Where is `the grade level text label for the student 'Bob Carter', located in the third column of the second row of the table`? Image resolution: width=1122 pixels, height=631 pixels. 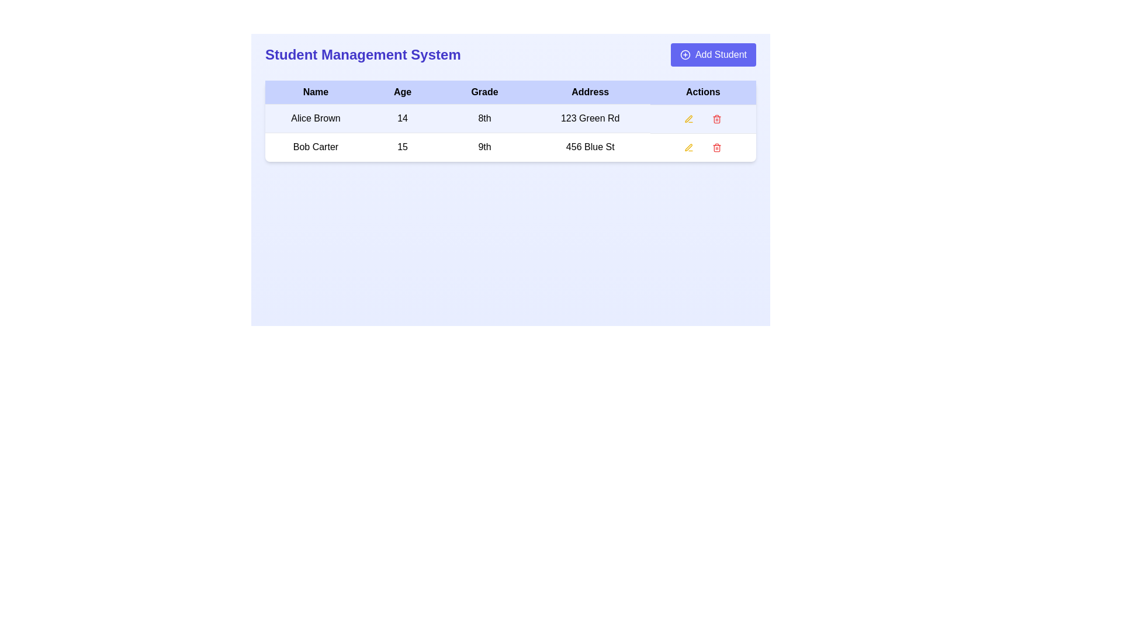 the grade level text label for the student 'Bob Carter', located in the third column of the second row of the table is located at coordinates (484, 146).